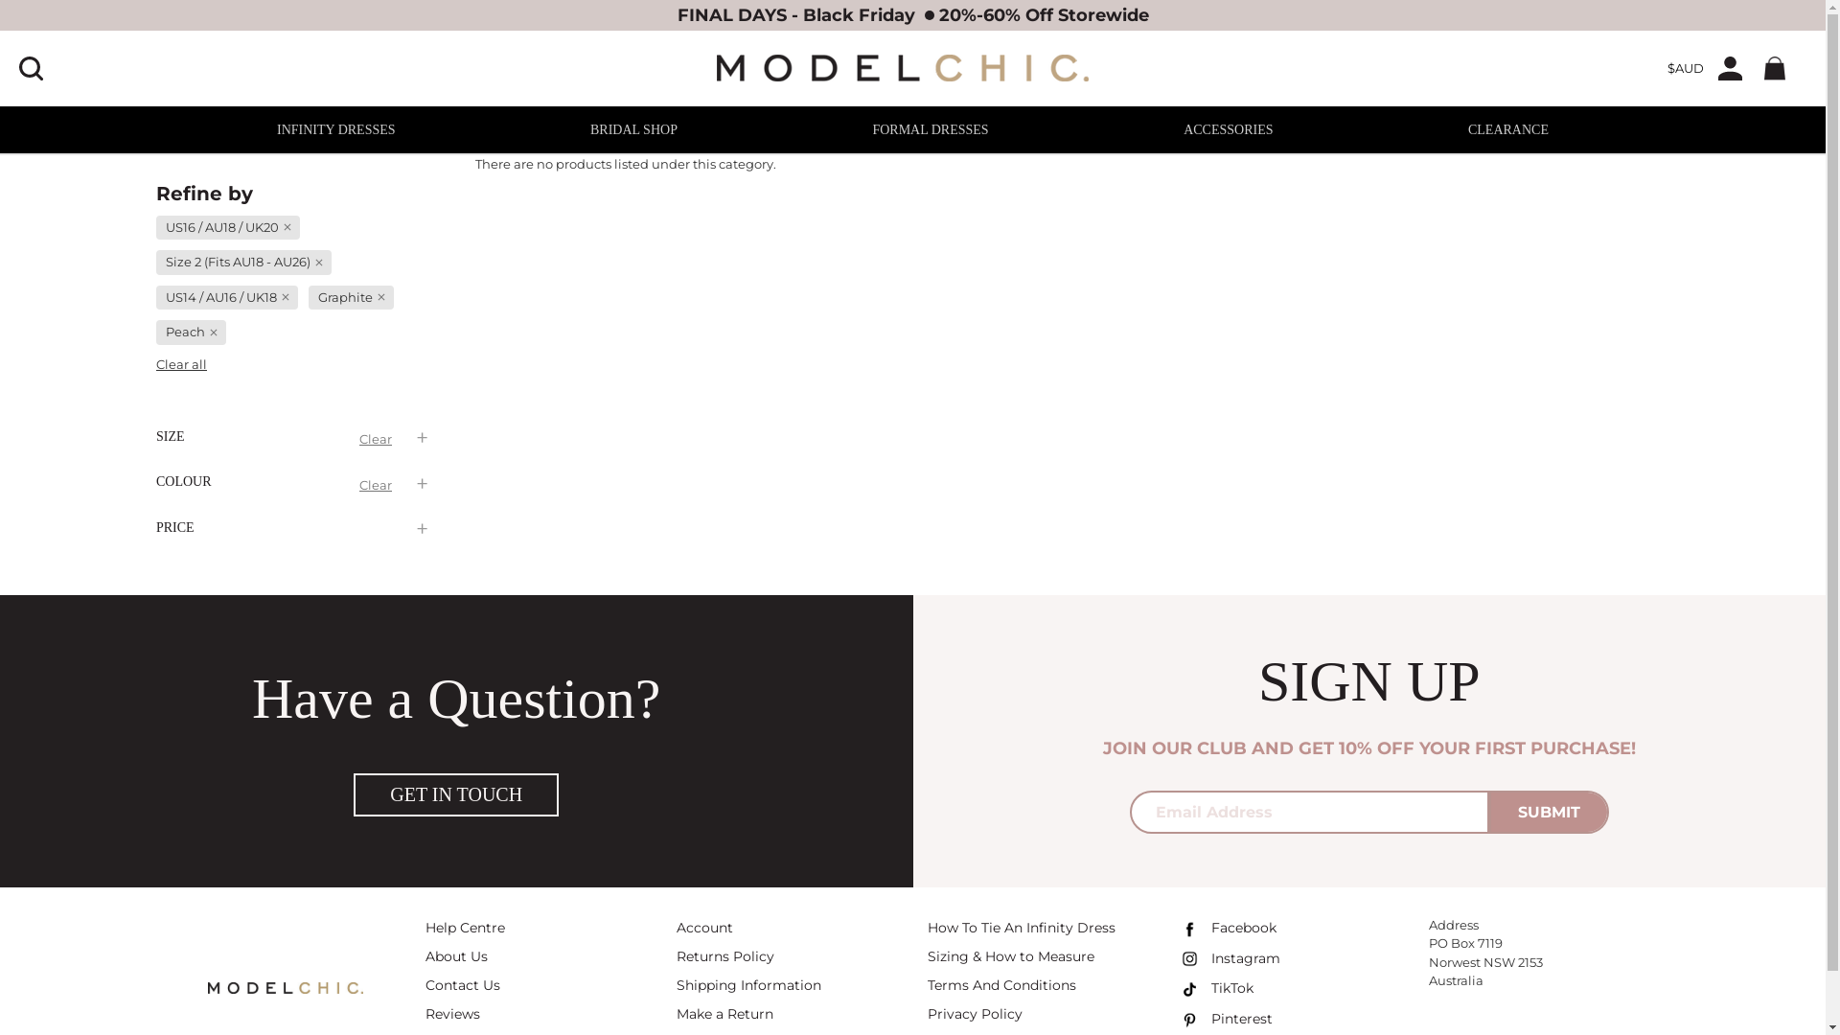 This screenshot has width=1840, height=1035. What do you see at coordinates (1507, 129) in the screenshot?
I see `'CLEARANCE'` at bounding box center [1507, 129].